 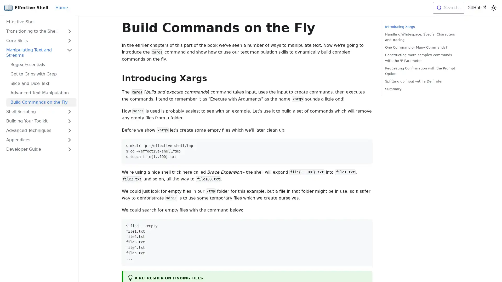 I want to click on Search..., so click(x=448, y=8).